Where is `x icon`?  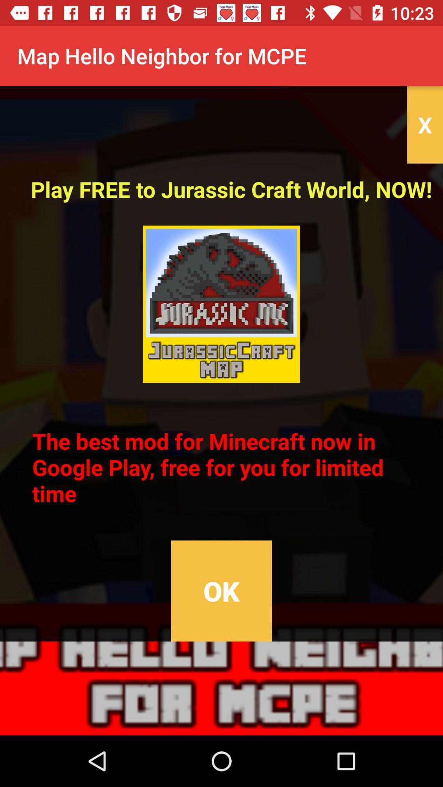 x icon is located at coordinates (425, 124).